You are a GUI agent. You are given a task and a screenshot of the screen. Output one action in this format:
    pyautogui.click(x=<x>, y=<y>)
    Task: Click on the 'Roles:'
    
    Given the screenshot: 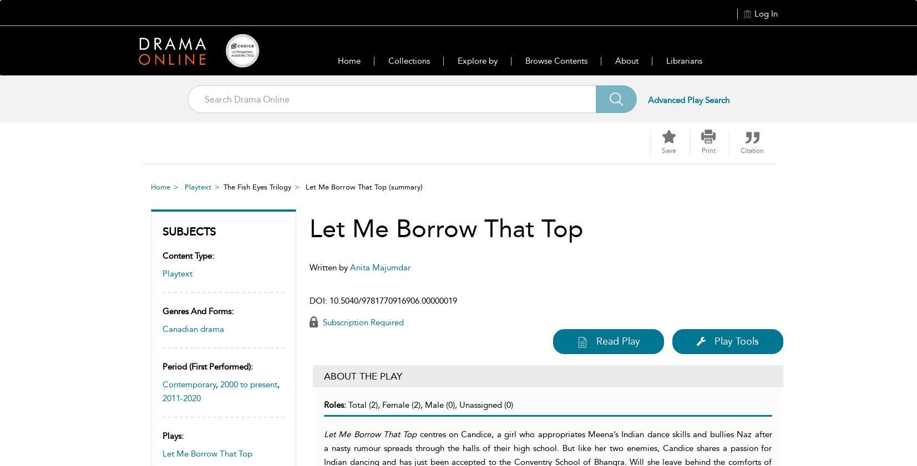 What is the action you would take?
    pyautogui.click(x=323, y=404)
    